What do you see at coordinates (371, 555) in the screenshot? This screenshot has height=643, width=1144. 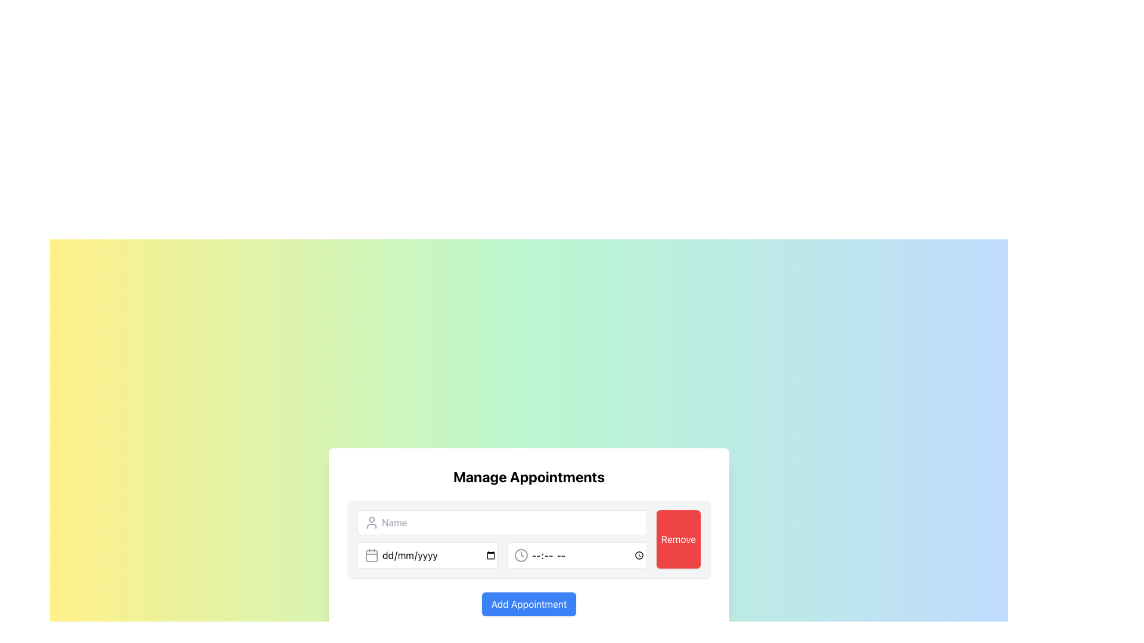 I see `the calendar icon` at bounding box center [371, 555].